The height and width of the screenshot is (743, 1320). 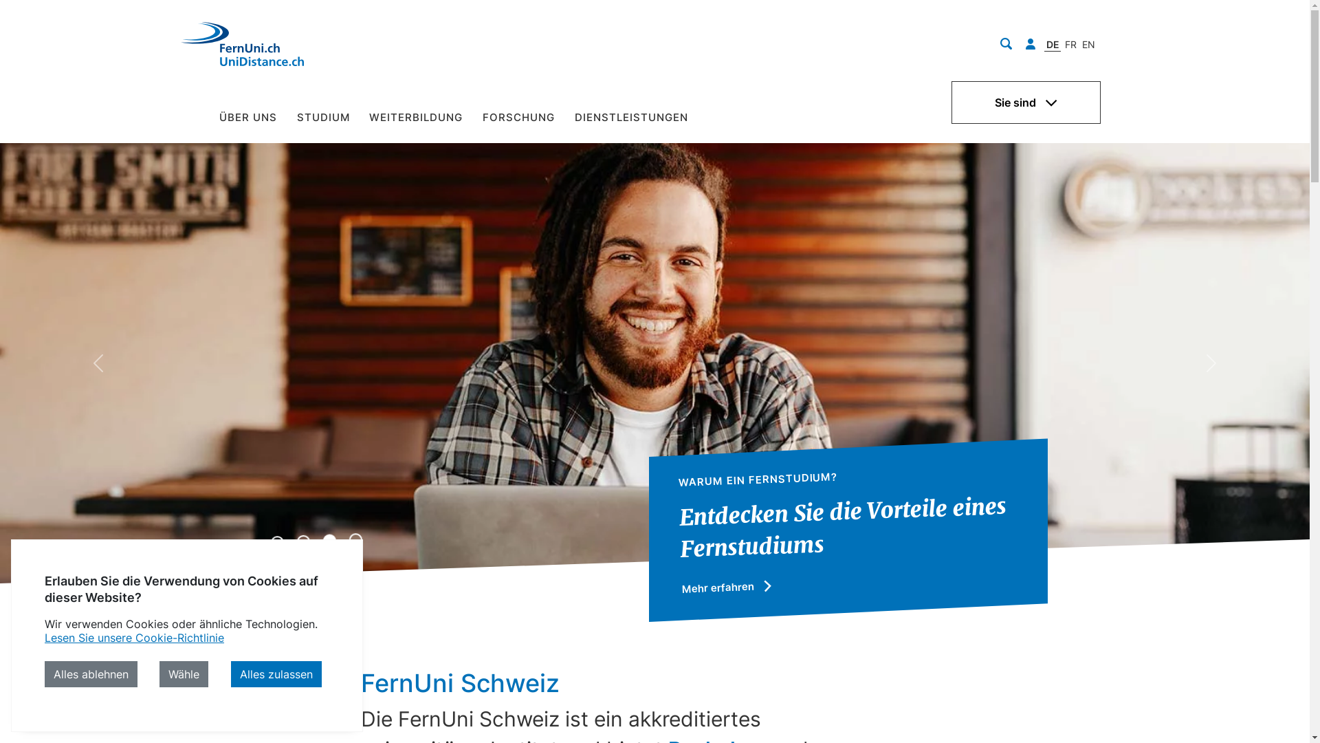 I want to click on 'STUDIUM', so click(x=286, y=121).